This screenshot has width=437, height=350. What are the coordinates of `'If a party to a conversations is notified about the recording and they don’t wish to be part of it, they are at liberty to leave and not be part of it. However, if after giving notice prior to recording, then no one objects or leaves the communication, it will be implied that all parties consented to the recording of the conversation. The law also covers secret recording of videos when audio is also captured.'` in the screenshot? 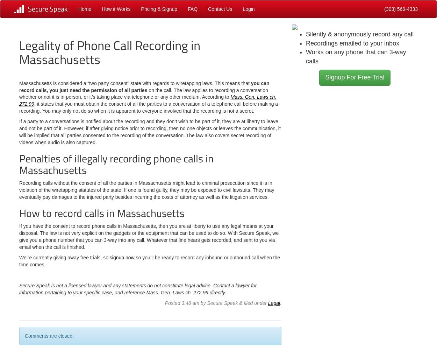 It's located at (19, 132).